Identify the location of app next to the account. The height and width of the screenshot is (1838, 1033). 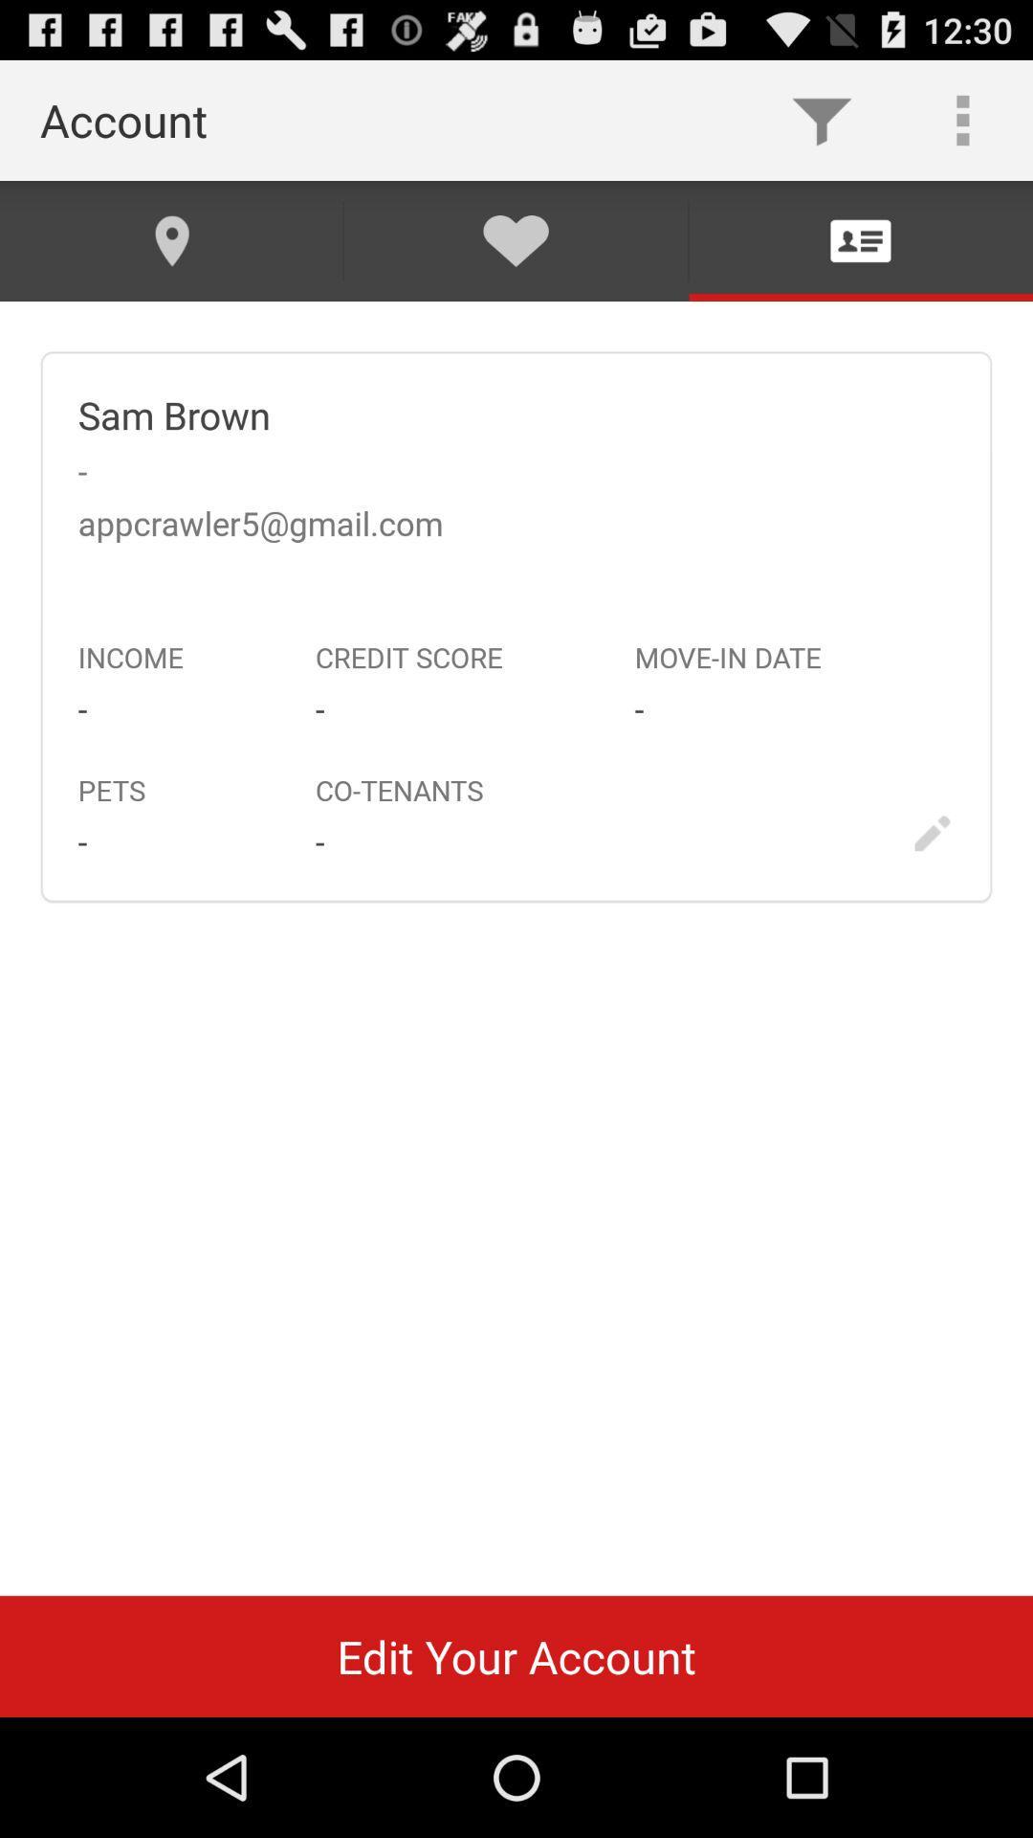
(821, 119).